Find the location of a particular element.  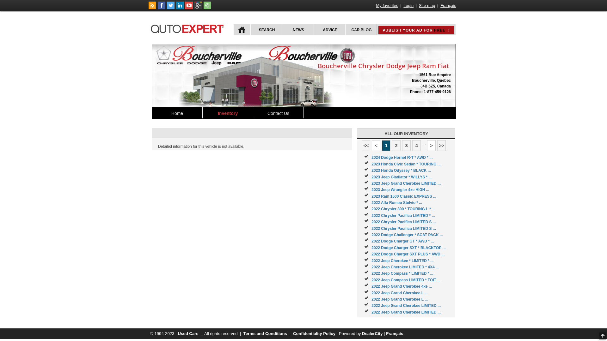

'HOME' is located at coordinates (242, 30).